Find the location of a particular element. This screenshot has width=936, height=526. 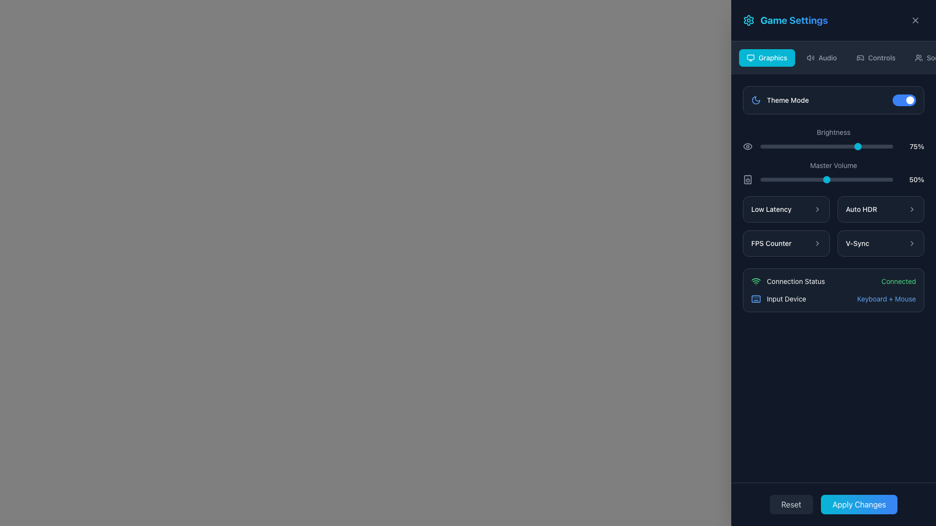

the 'Graphics' category icon located at the top navigation area of the game settings interface is located at coordinates (750, 58).